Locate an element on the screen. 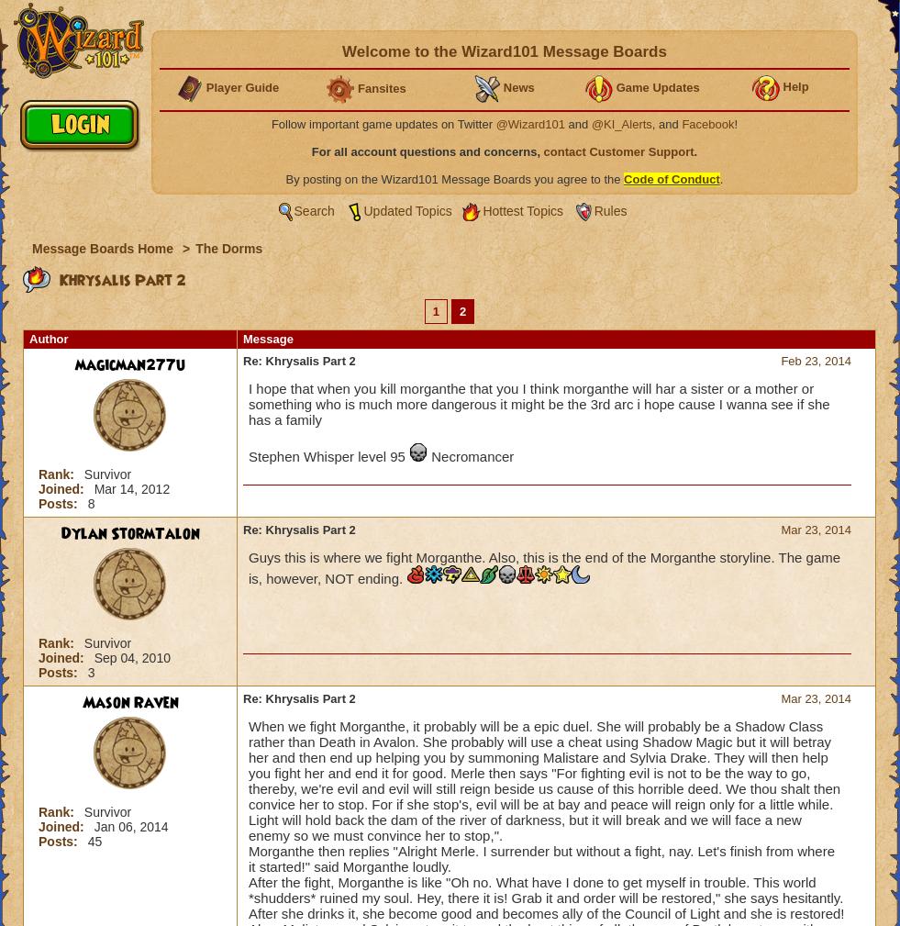  '>' is located at coordinates (180, 248).